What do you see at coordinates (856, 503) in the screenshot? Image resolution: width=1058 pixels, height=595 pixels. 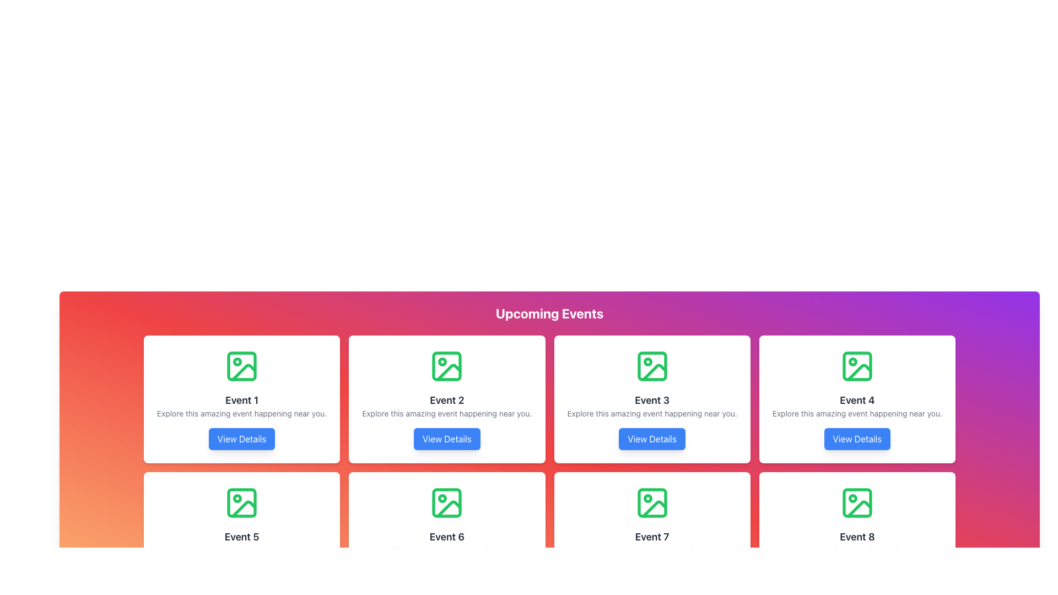 I see `the decorative icon in the bottom-right corner of the grid layout, which represents an image preview for 'Event 8'` at bounding box center [856, 503].